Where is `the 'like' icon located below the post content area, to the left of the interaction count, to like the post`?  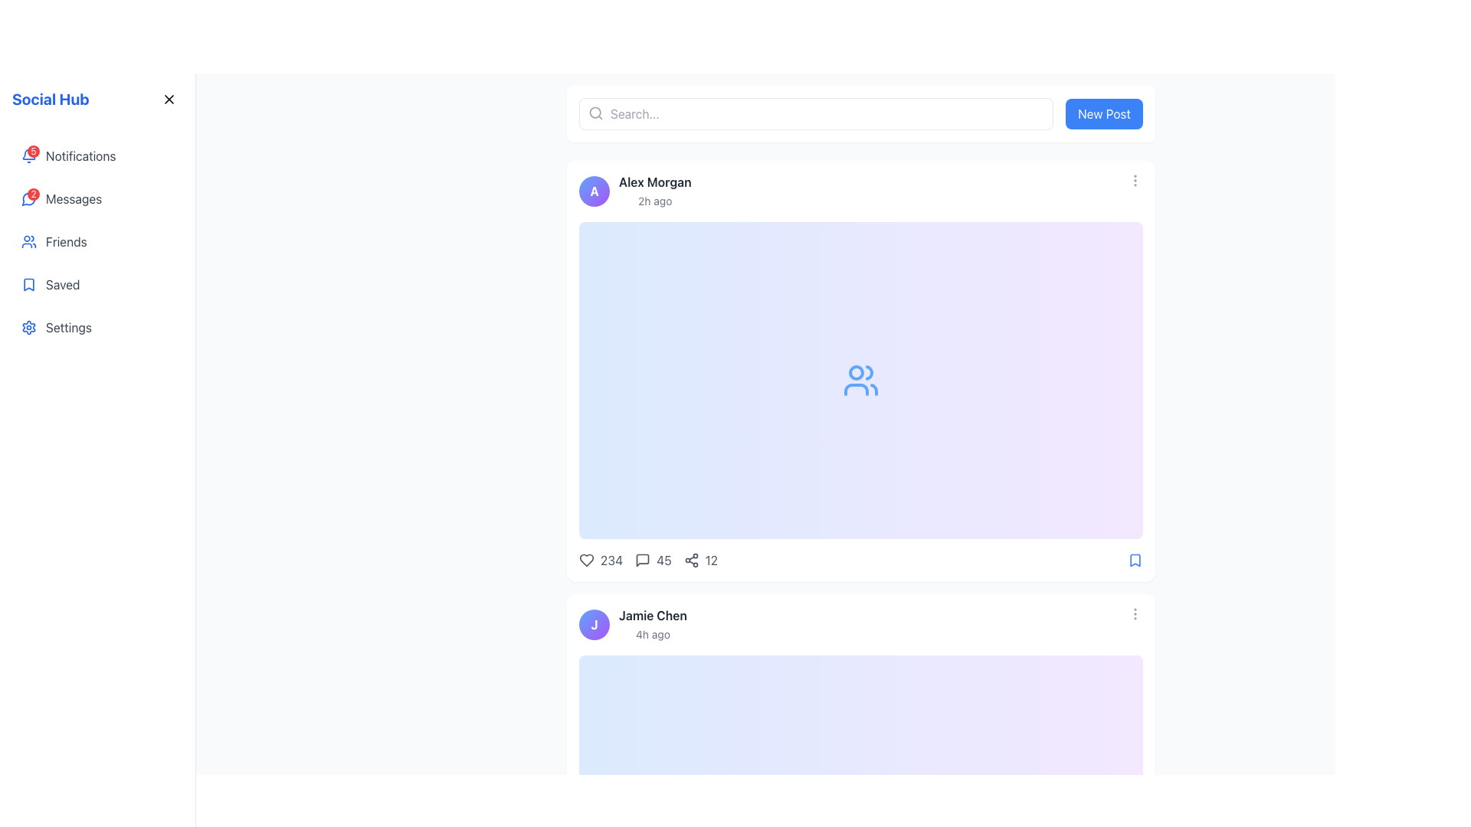
the 'like' icon located below the post content area, to the left of the interaction count, to like the post is located at coordinates (586, 561).